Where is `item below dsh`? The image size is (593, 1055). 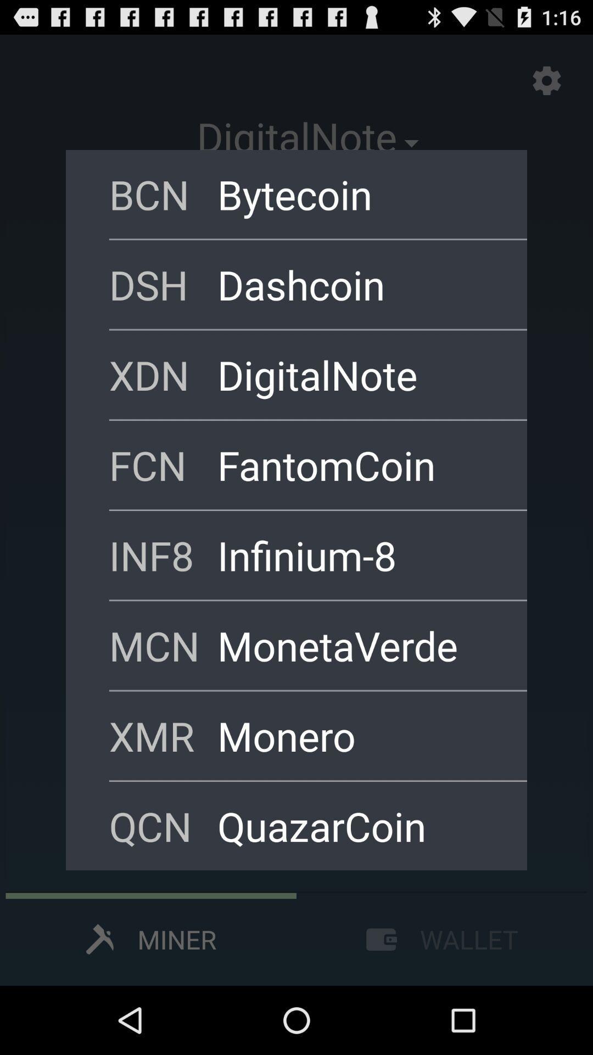 item below dsh is located at coordinates (357, 375).